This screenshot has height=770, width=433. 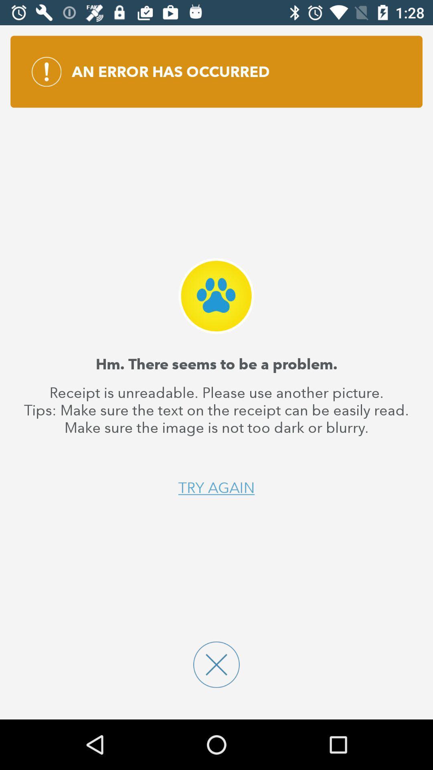 I want to click on the close icon, so click(x=216, y=665).